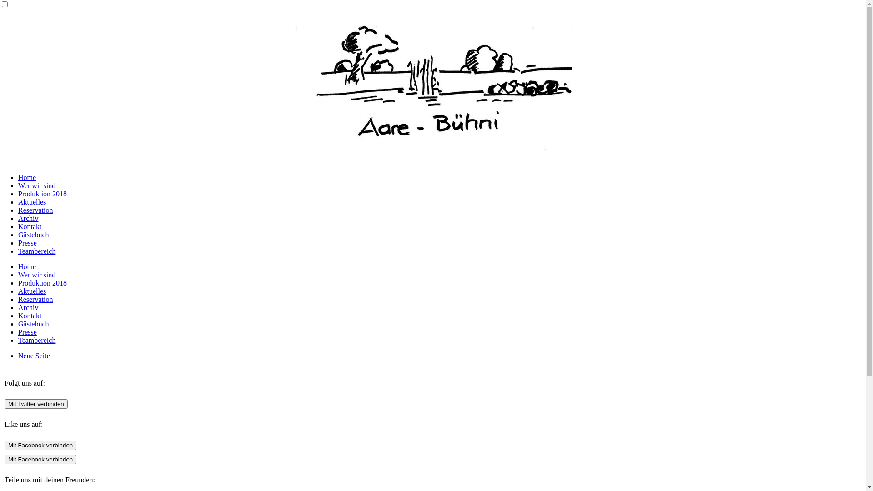  What do you see at coordinates (35, 210) in the screenshot?
I see `'Reservation'` at bounding box center [35, 210].